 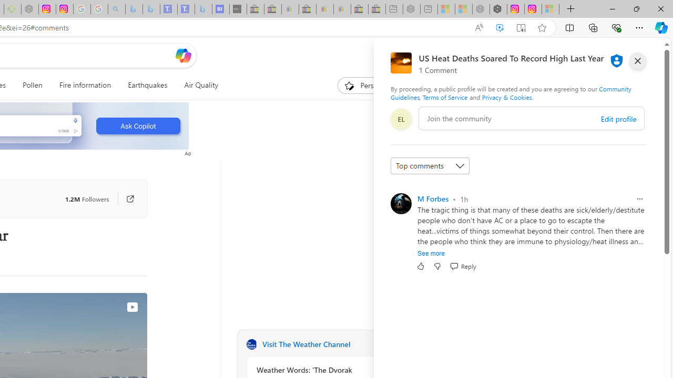 What do you see at coordinates (203, 9) in the screenshot?
I see `'Microsoft Bing Travel - Shangri-La Hotel Bangkok - Sleeping'` at bounding box center [203, 9].